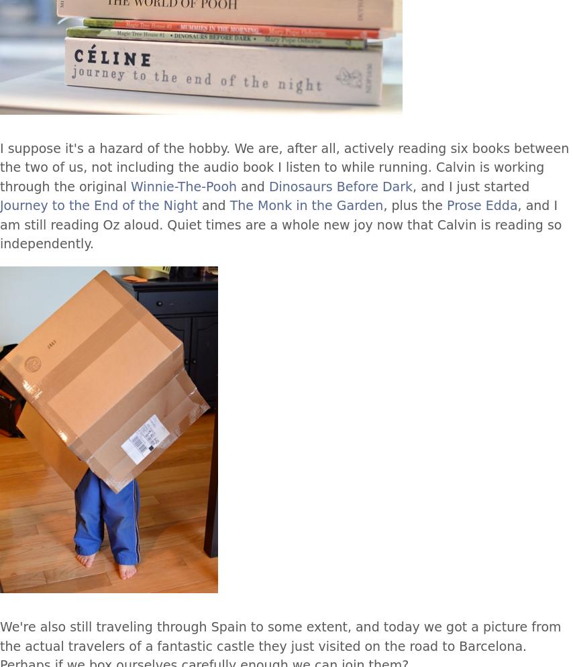 The height and width of the screenshot is (667, 573). I want to click on 'Prose Edda', so click(447, 205).